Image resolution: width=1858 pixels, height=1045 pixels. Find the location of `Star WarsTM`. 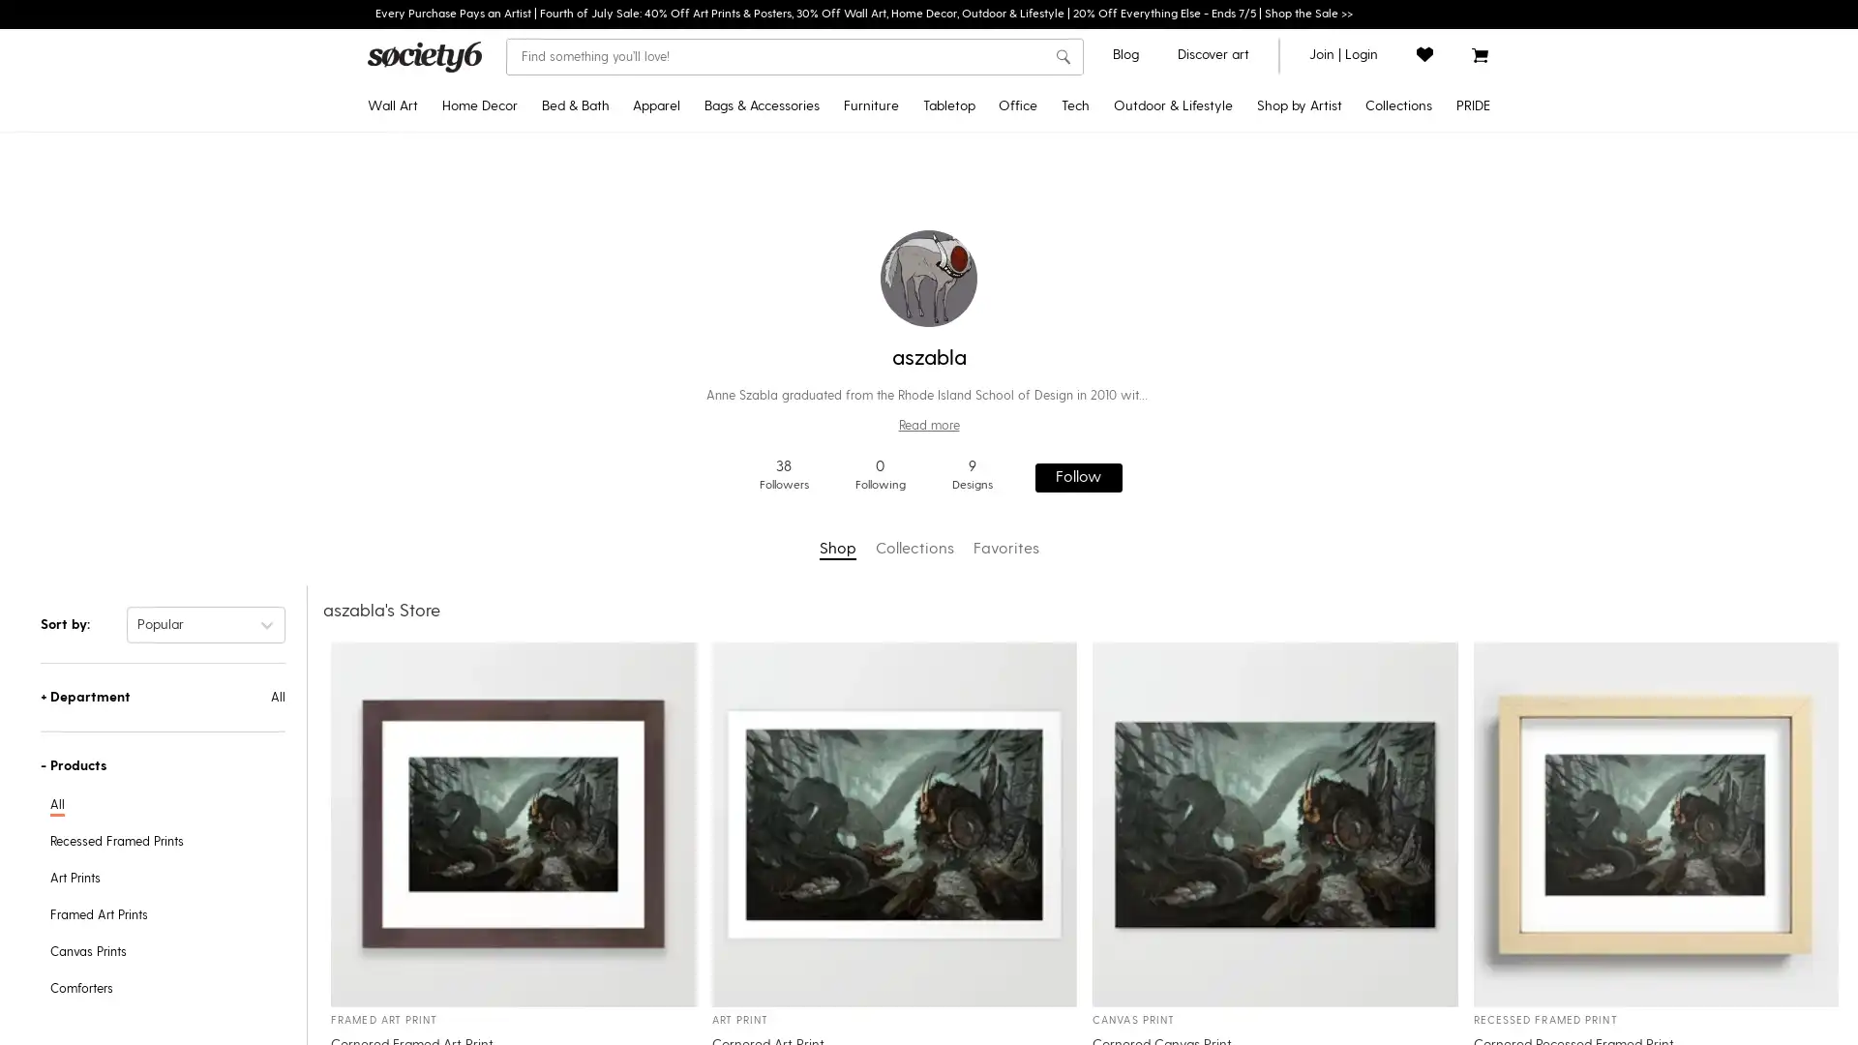

Star WarsTM is located at coordinates (1246, 186).